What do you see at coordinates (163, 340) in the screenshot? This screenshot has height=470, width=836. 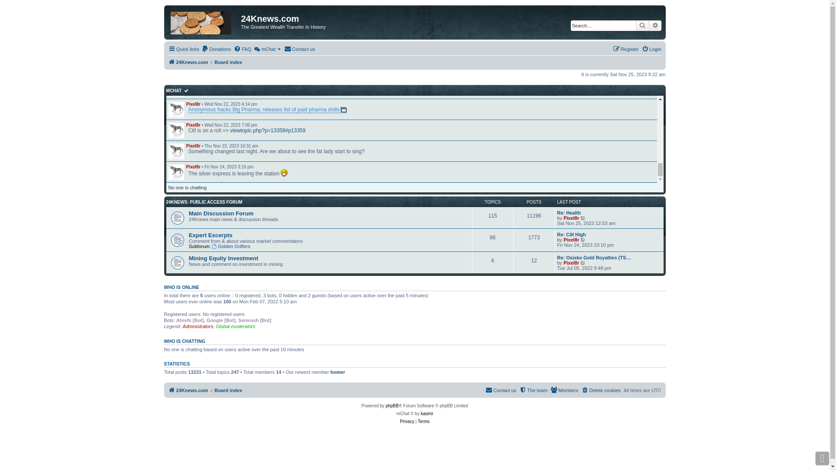 I see `'WHO IS CHATTING'` at bounding box center [163, 340].